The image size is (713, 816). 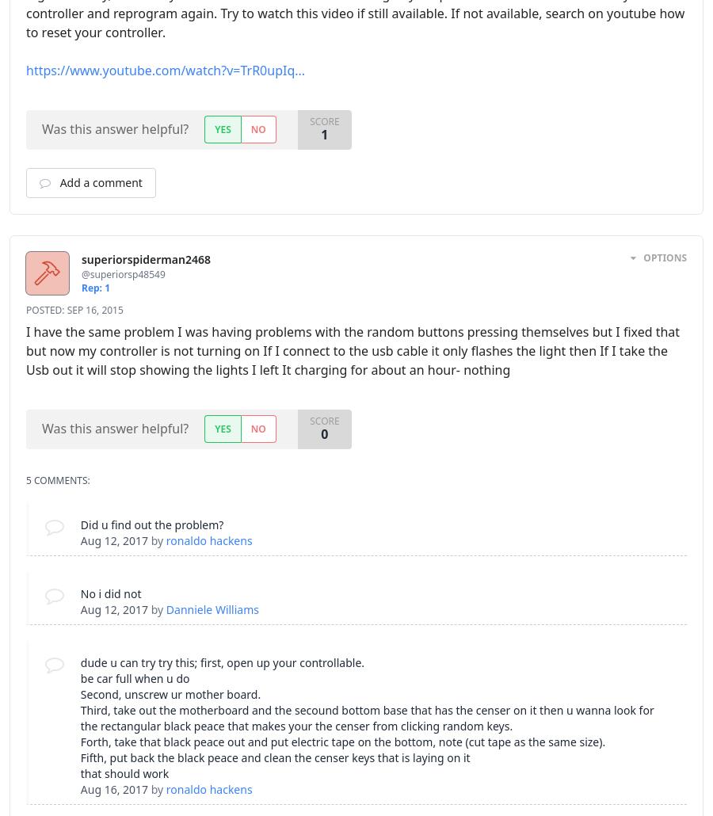 I want to click on 'Posted:', so click(x=45, y=309).